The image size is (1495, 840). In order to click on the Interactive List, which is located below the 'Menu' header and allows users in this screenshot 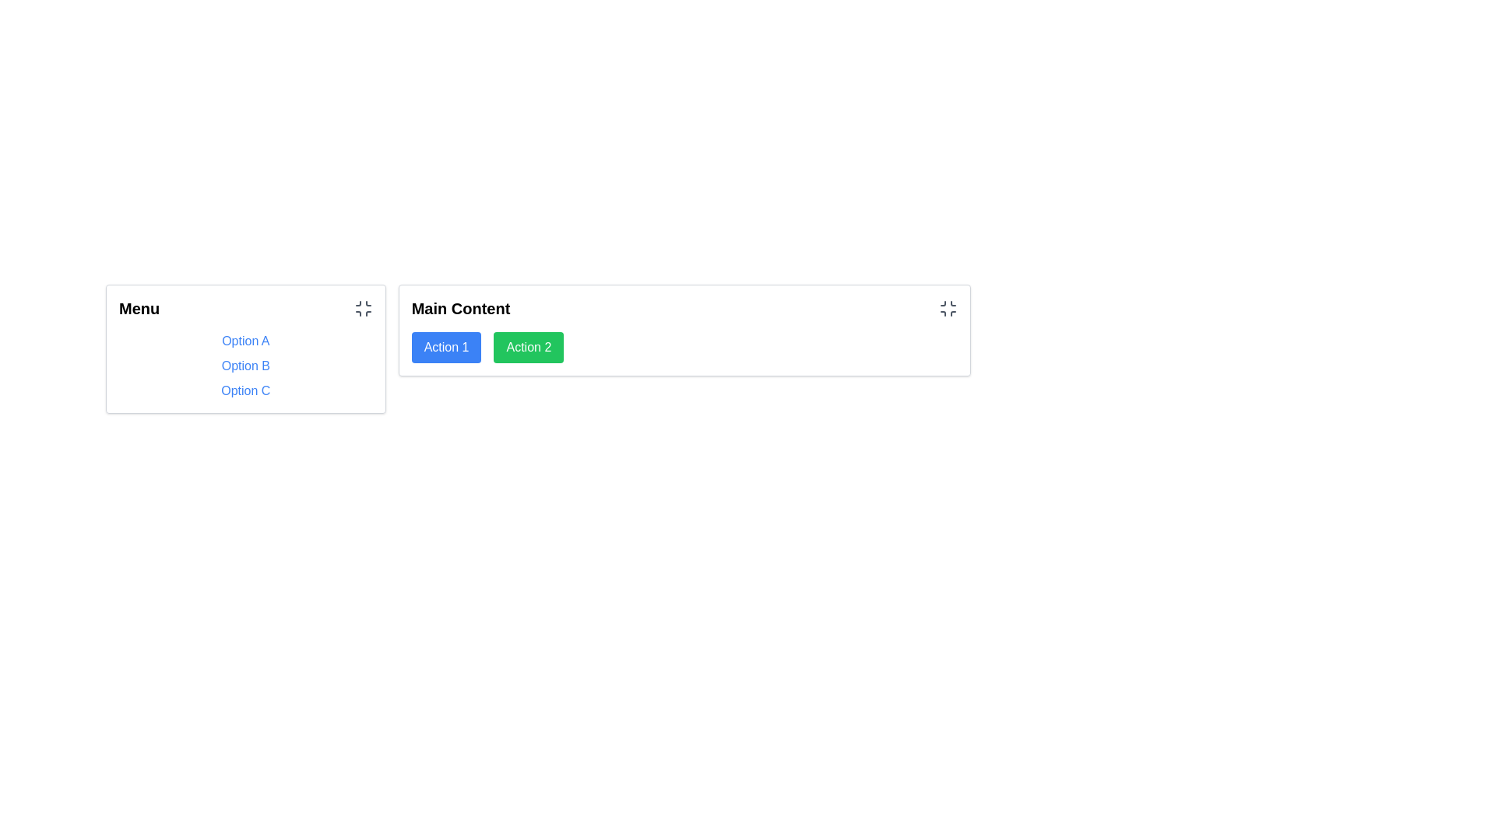, I will do `click(244, 366)`.